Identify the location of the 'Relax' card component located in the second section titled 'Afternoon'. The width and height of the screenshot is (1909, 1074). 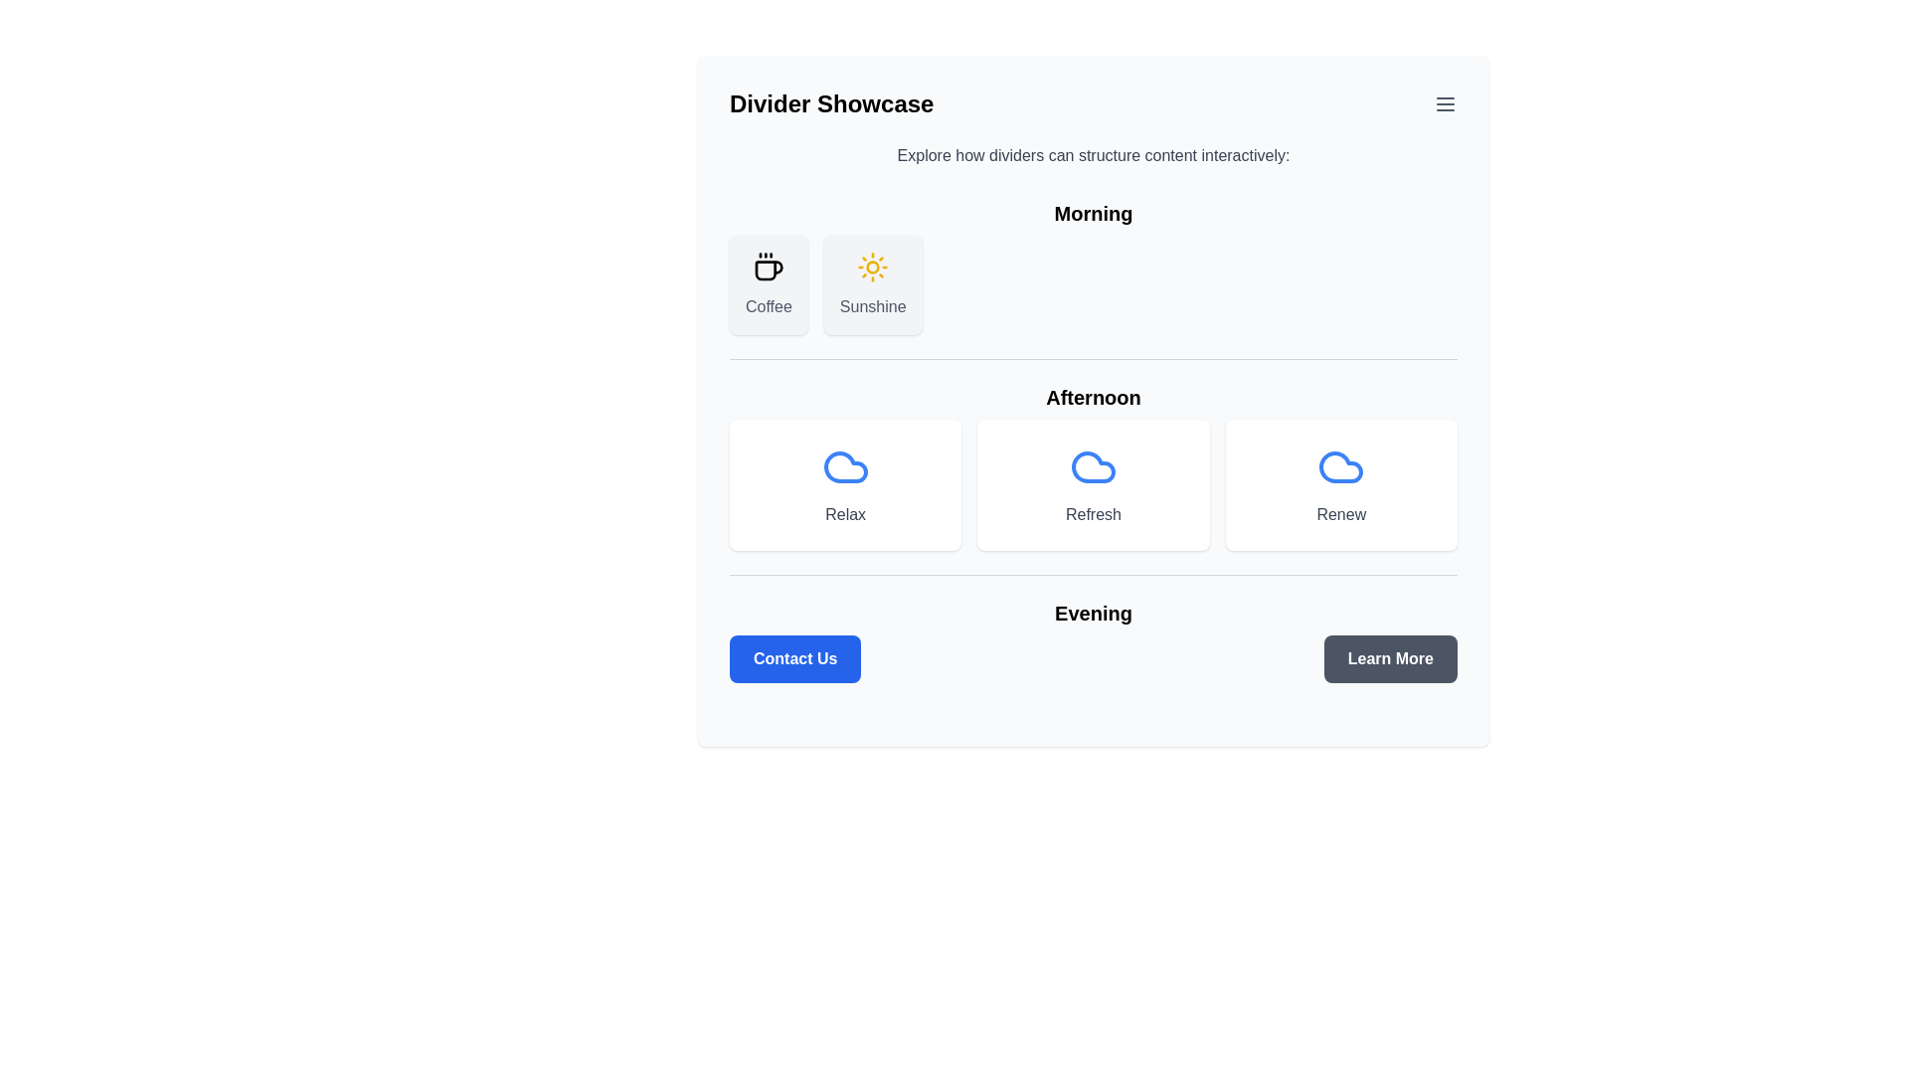
(845, 485).